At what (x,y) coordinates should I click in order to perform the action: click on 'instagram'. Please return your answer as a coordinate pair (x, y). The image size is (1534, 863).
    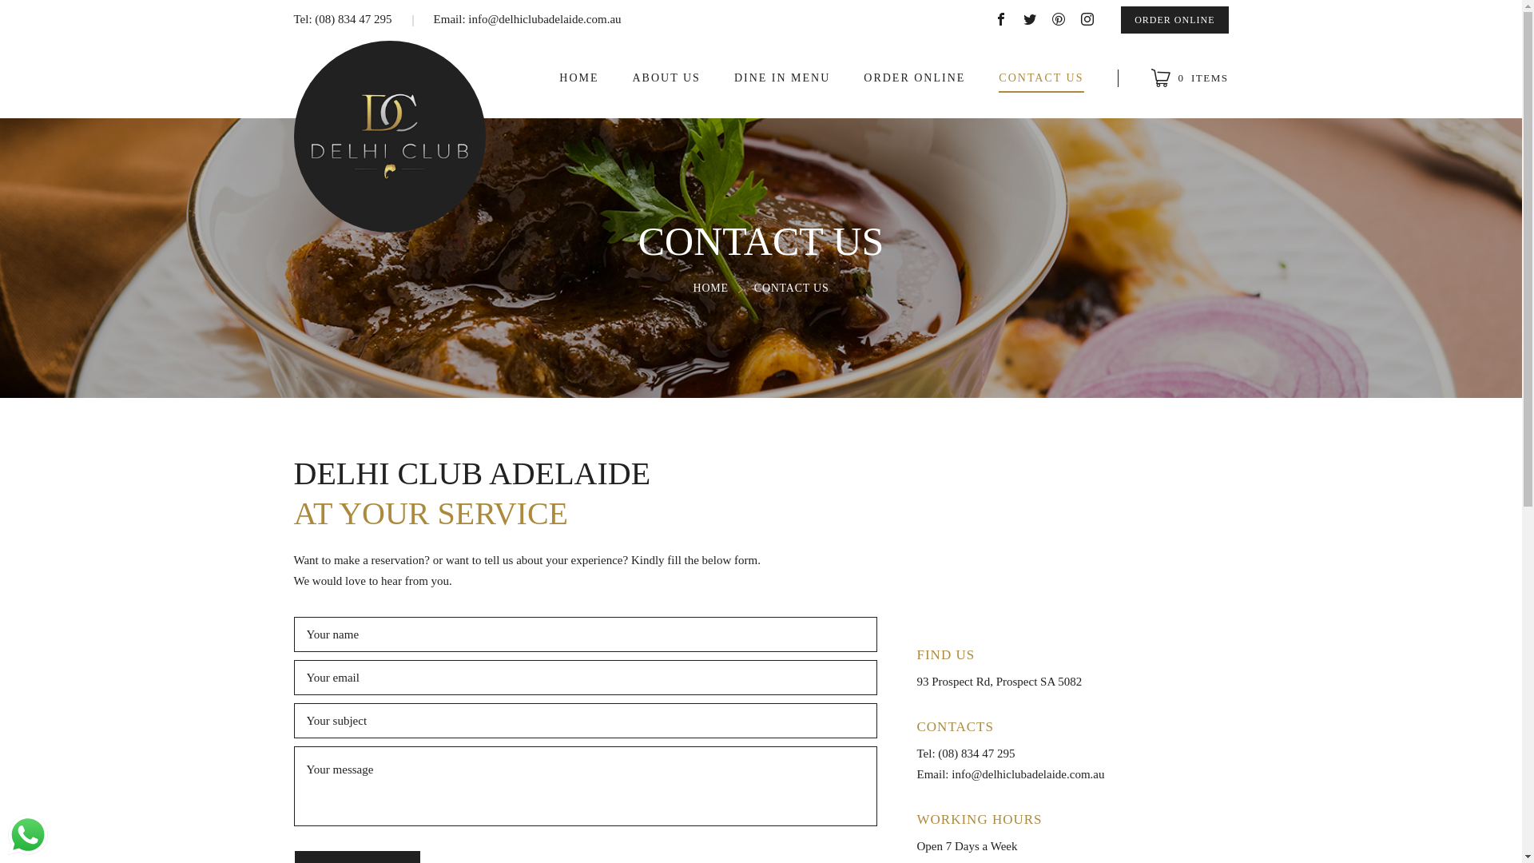
    Looking at the image, I should click on (1087, 18).